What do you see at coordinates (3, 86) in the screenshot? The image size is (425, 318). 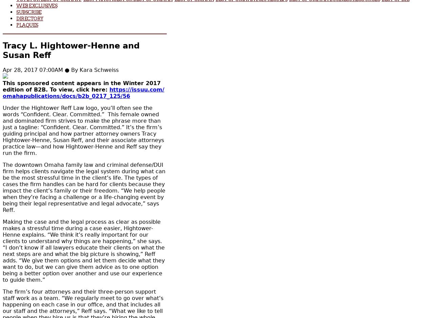 I see `'This sponsored content appears in the Winter 2017 edition of B2B. To view, click here:'` at bounding box center [3, 86].